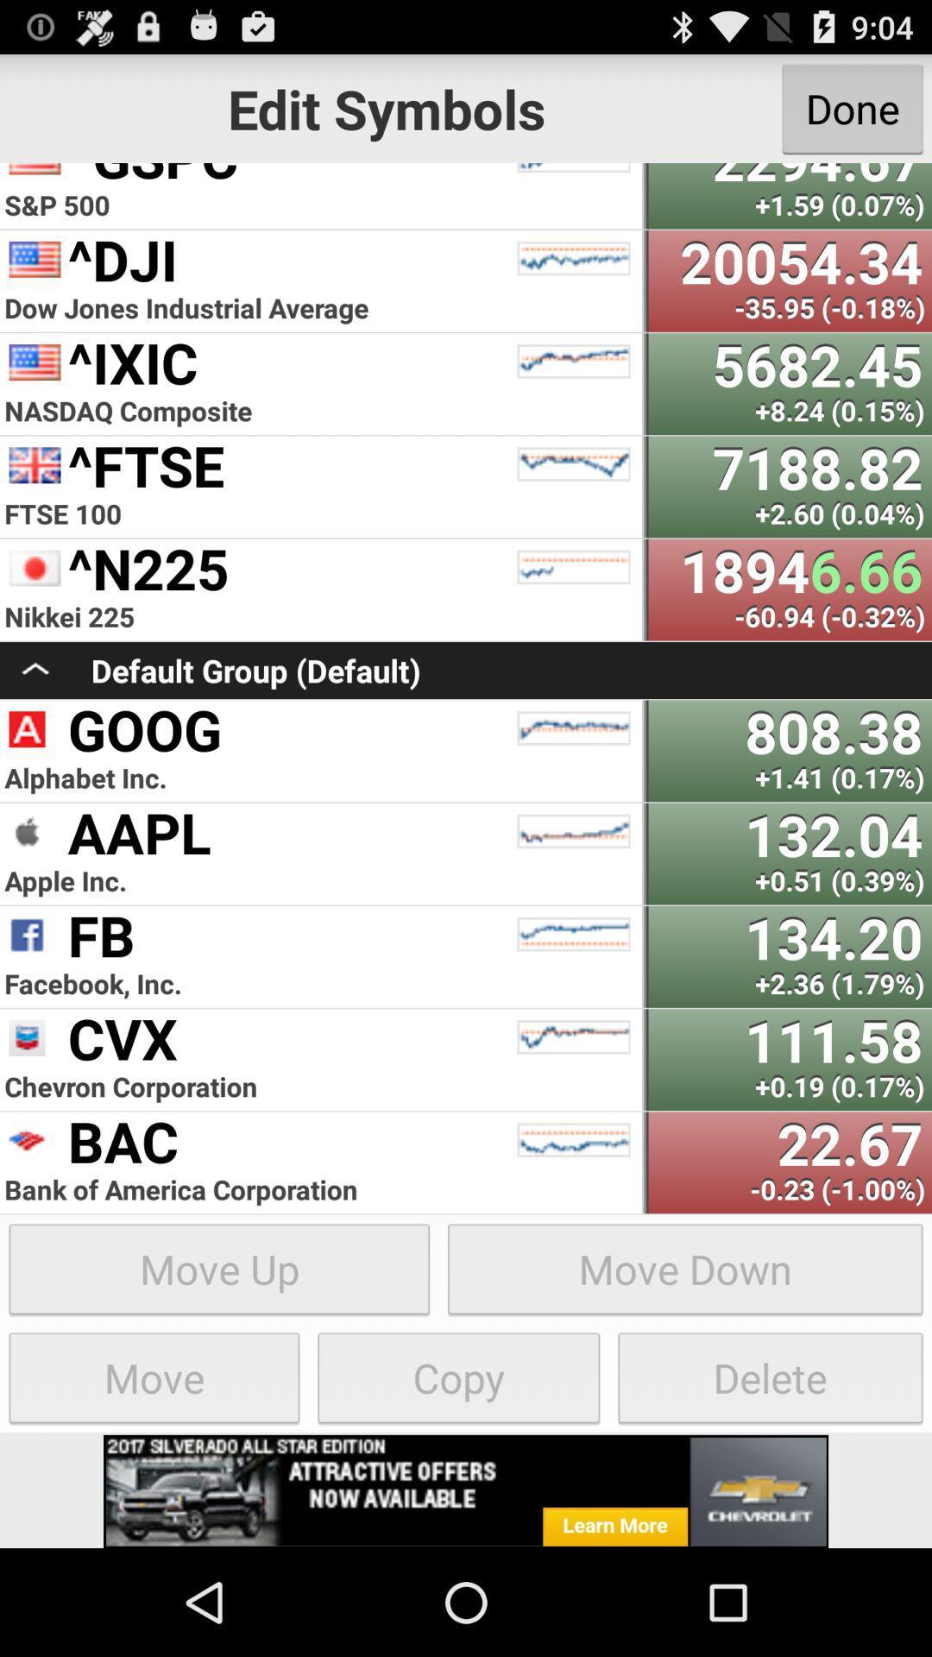 The height and width of the screenshot is (1657, 932). What do you see at coordinates (466, 1490) in the screenshot?
I see `click on advertisement` at bounding box center [466, 1490].